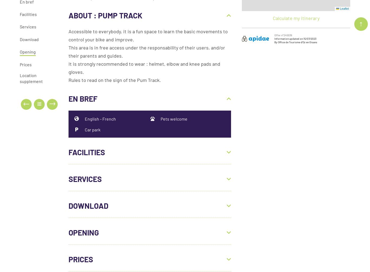 This screenshot has width=370, height=272. I want to click on 'This area is in free access under the responsability of their users, and/or their parents and guides.', so click(147, 52).